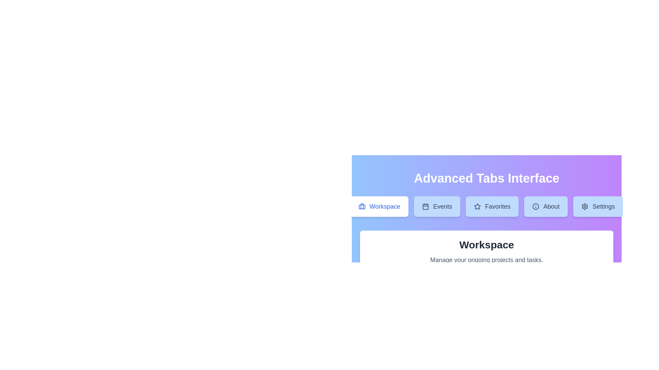  Describe the element at coordinates (486, 209) in the screenshot. I see `the 'Favorites' navigation button, which is the third button in a horizontal list located below the 'Advanced Tabs Interface' heading` at that location.